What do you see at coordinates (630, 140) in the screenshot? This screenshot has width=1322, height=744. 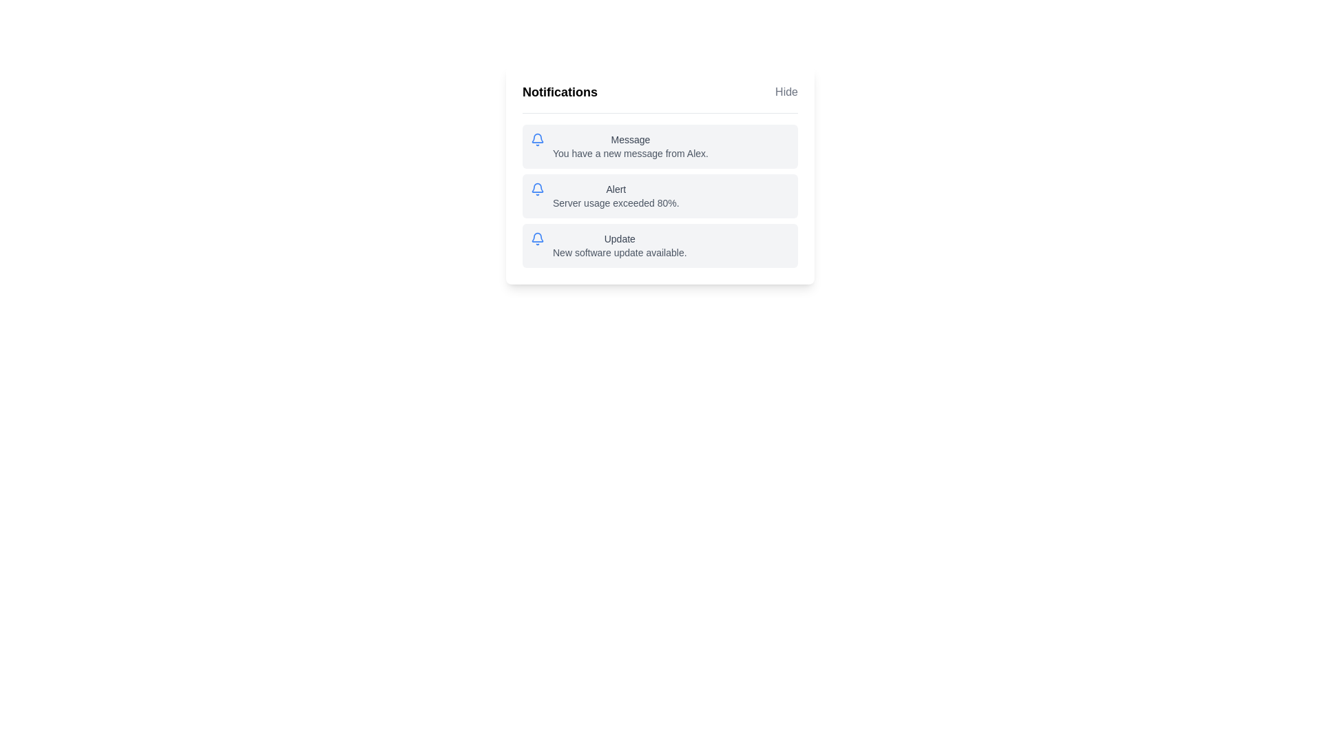 I see `the 'Message' text label located at the top-left corner of the first notification card, which is styled in gray with medium font-weight` at bounding box center [630, 140].